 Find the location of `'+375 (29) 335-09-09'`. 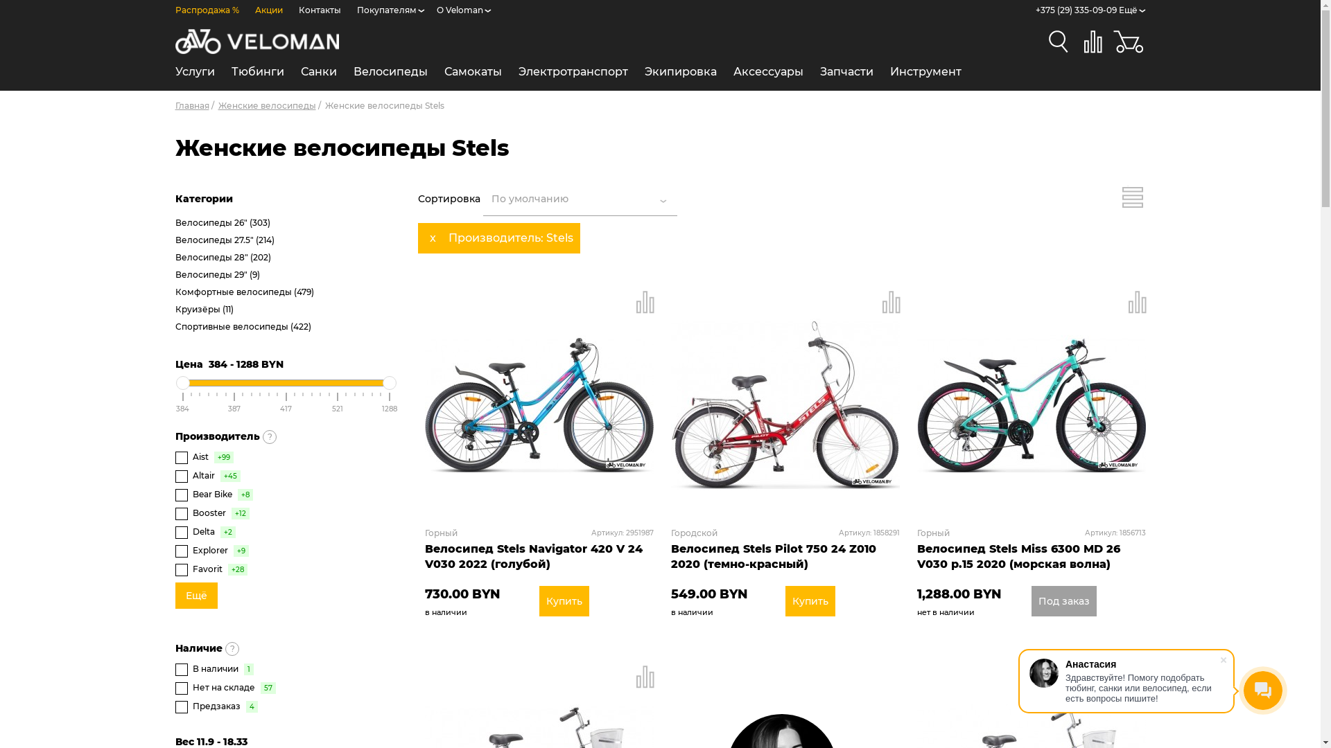

'+375 (29) 335-09-09' is located at coordinates (1075, 10).